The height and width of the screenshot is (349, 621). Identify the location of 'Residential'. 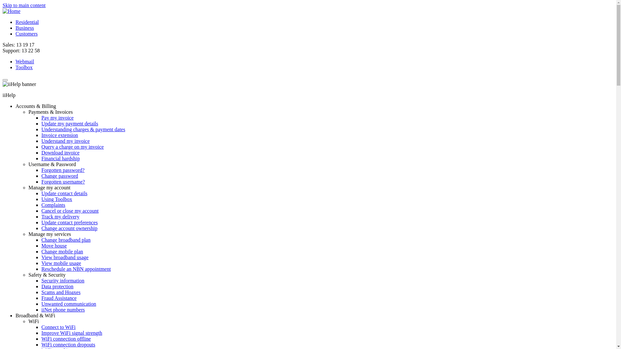
(27, 22).